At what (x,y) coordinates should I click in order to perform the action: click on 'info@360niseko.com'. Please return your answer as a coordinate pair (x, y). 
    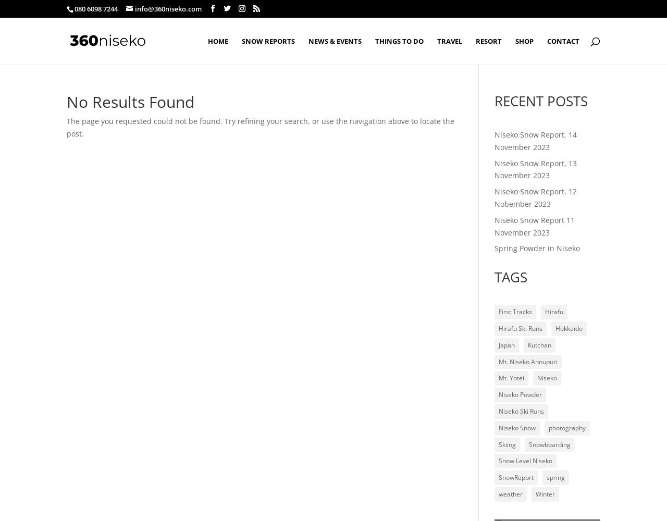
    Looking at the image, I should click on (168, 8).